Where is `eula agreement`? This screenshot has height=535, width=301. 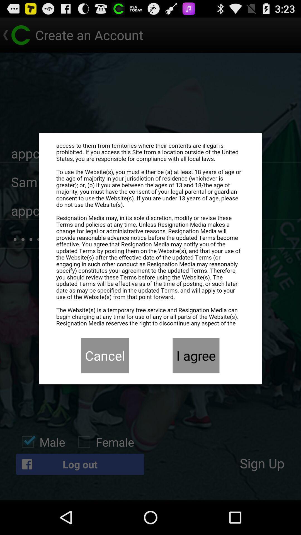 eula agreement is located at coordinates (151, 235).